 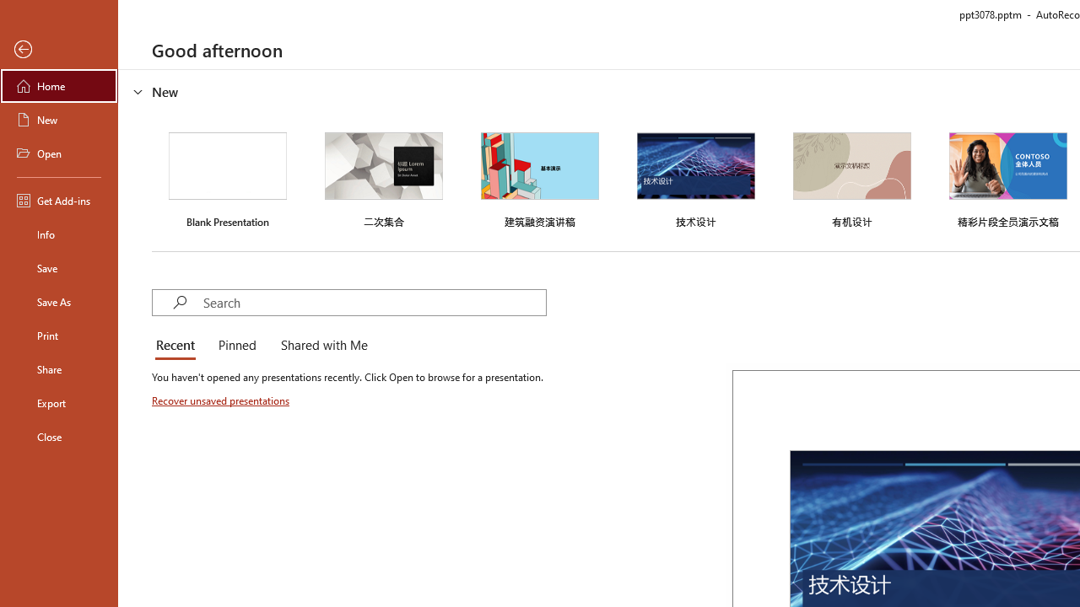 I want to click on 'Shared with Me', so click(x=321, y=346).